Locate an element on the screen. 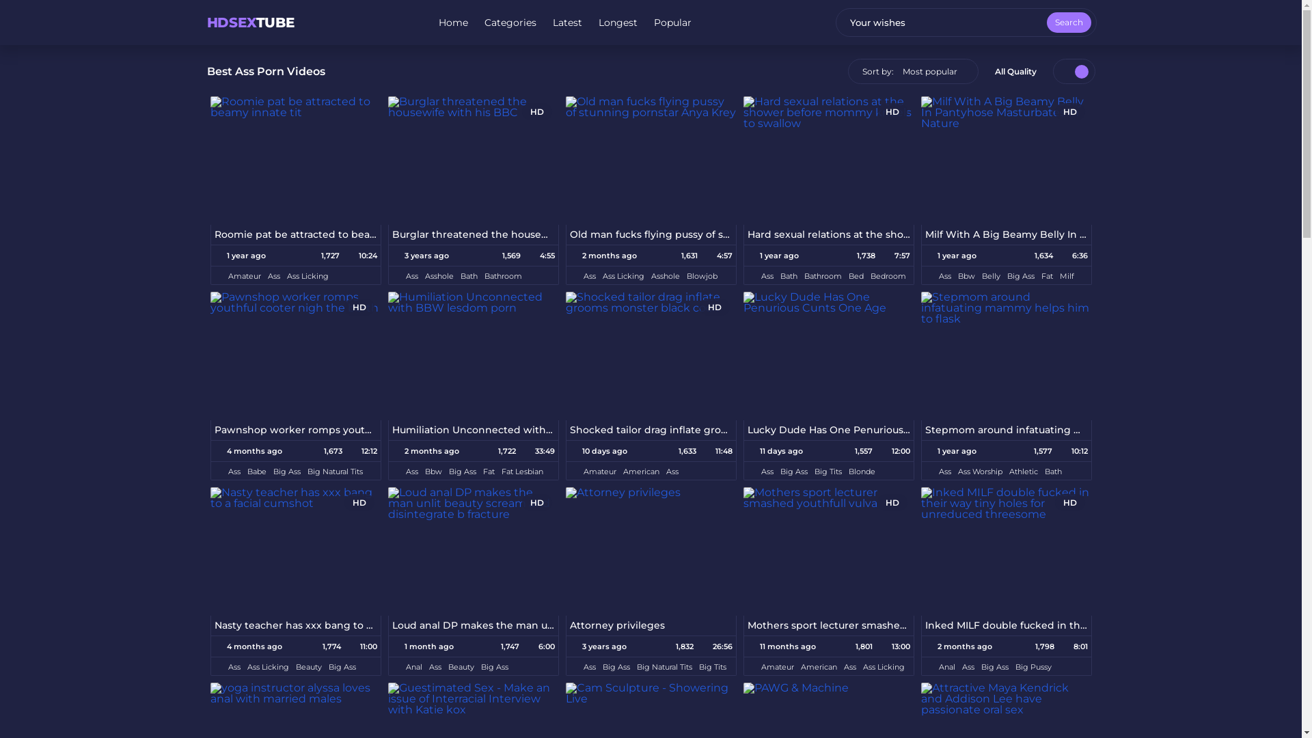  'Bathroom' is located at coordinates (502, 276).